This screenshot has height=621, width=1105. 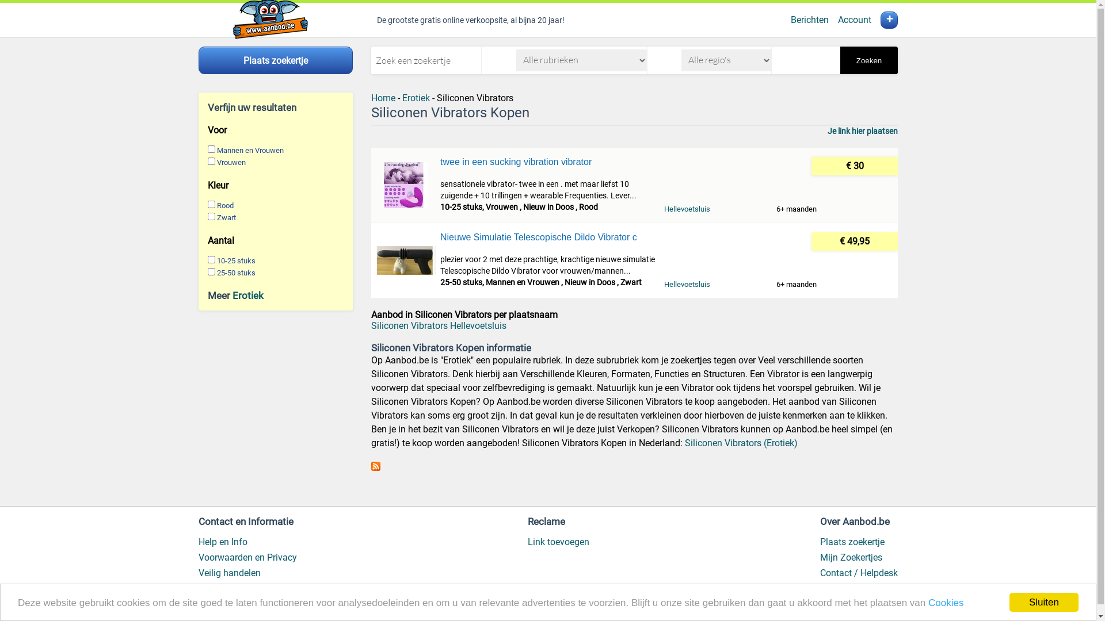 I want to click on 'Contact / Helpdesk', so click(x=859, y=573).